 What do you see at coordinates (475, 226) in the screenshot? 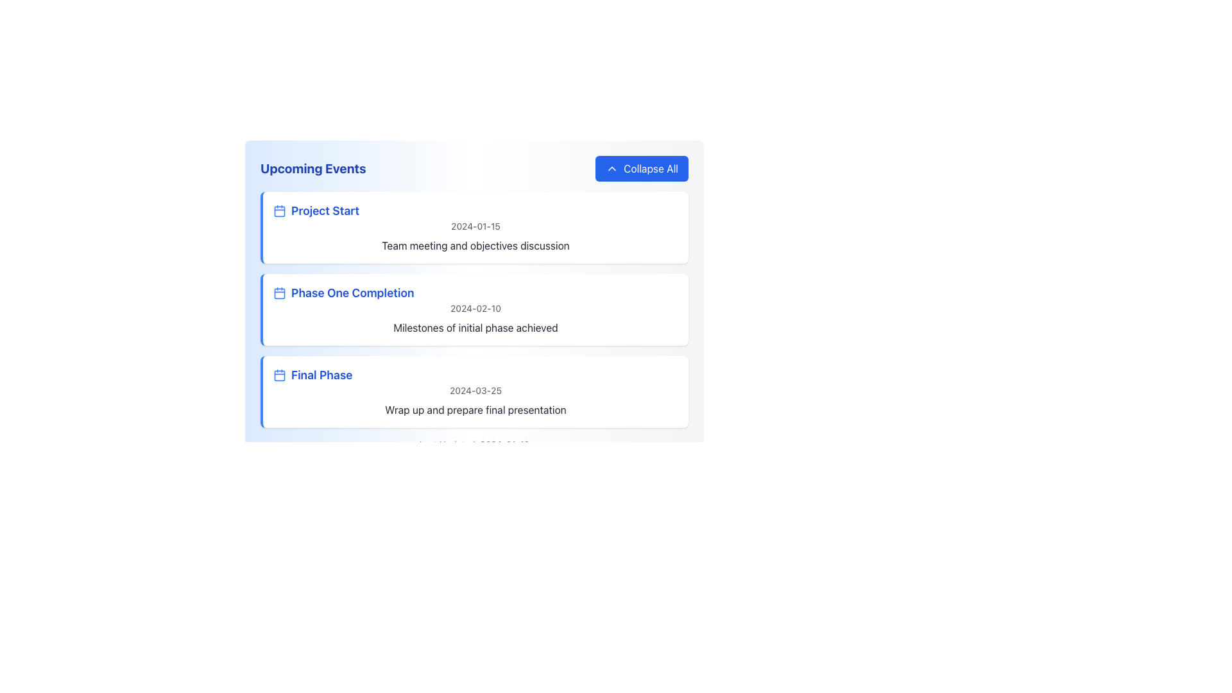
I see `the Text label displaying '2024-01-15', which is styled in gray and positioned beneath the 'Project Start' label` at bounding box center [475, 226].